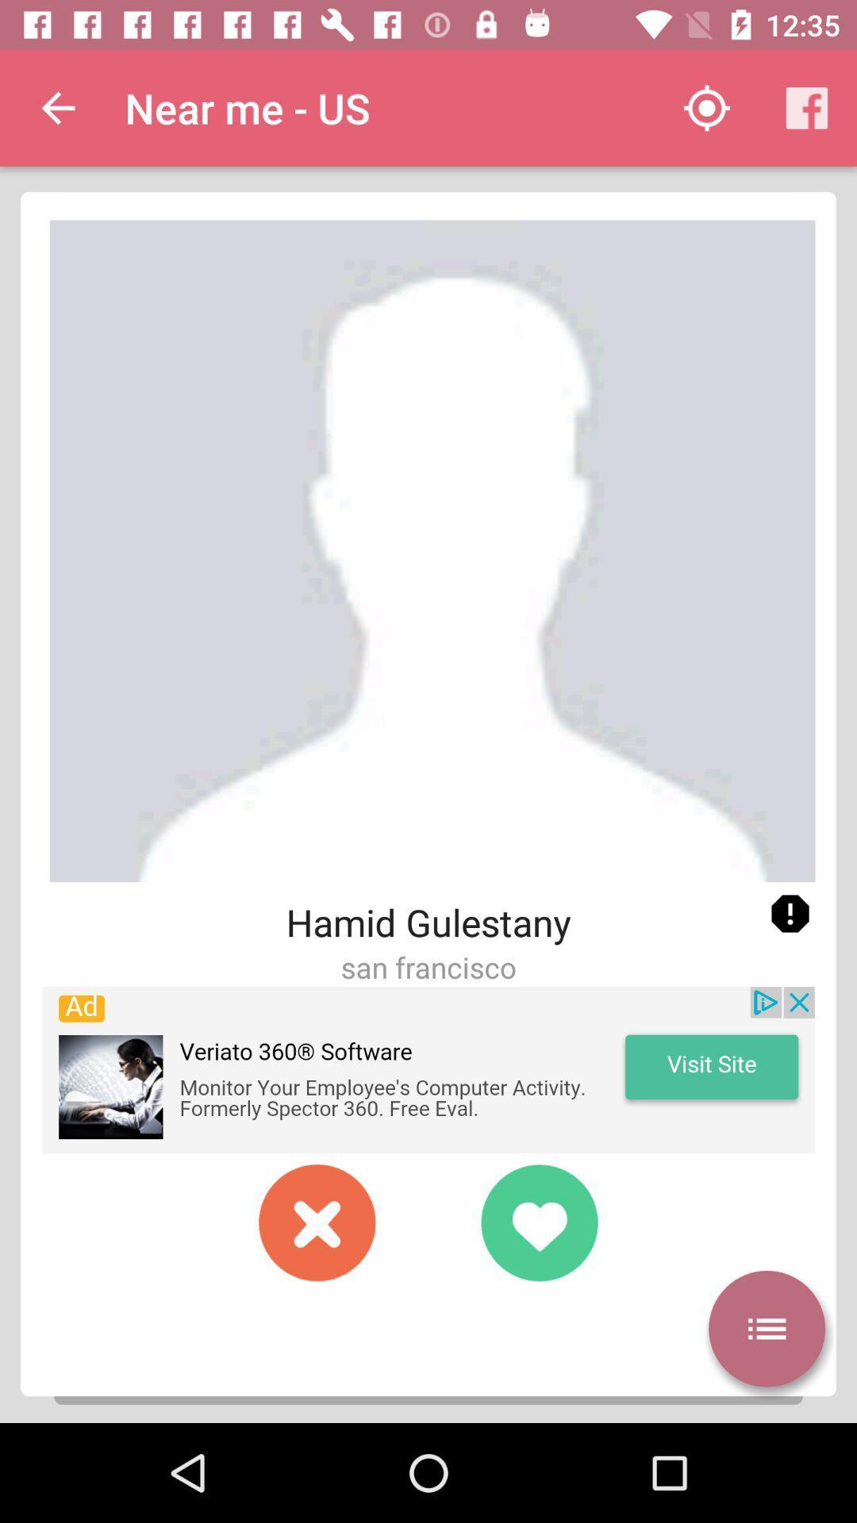  What do you see at coordinates (766, 1329) in the screenshot?
I see `open settings` at bounding box center [766, 1329].